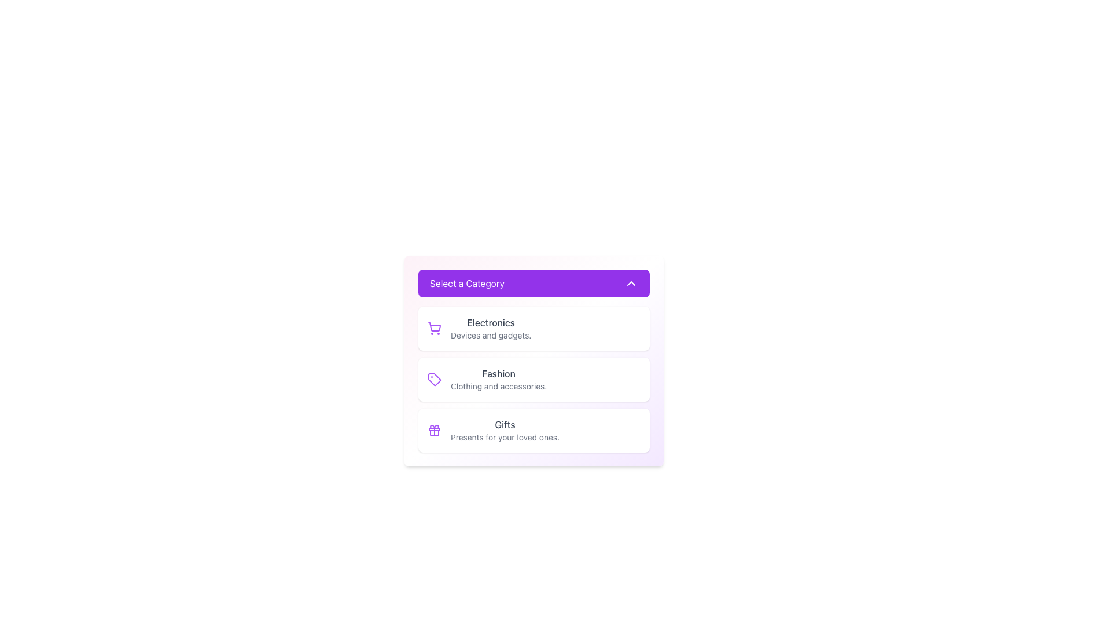  Describe the element at coordinates (433, 429) in the screenshot. I see `the decorative graphical component, which is a thin rectangular bar located within a compact gift box icon next to the 'Gifts' text in the list` at that location.